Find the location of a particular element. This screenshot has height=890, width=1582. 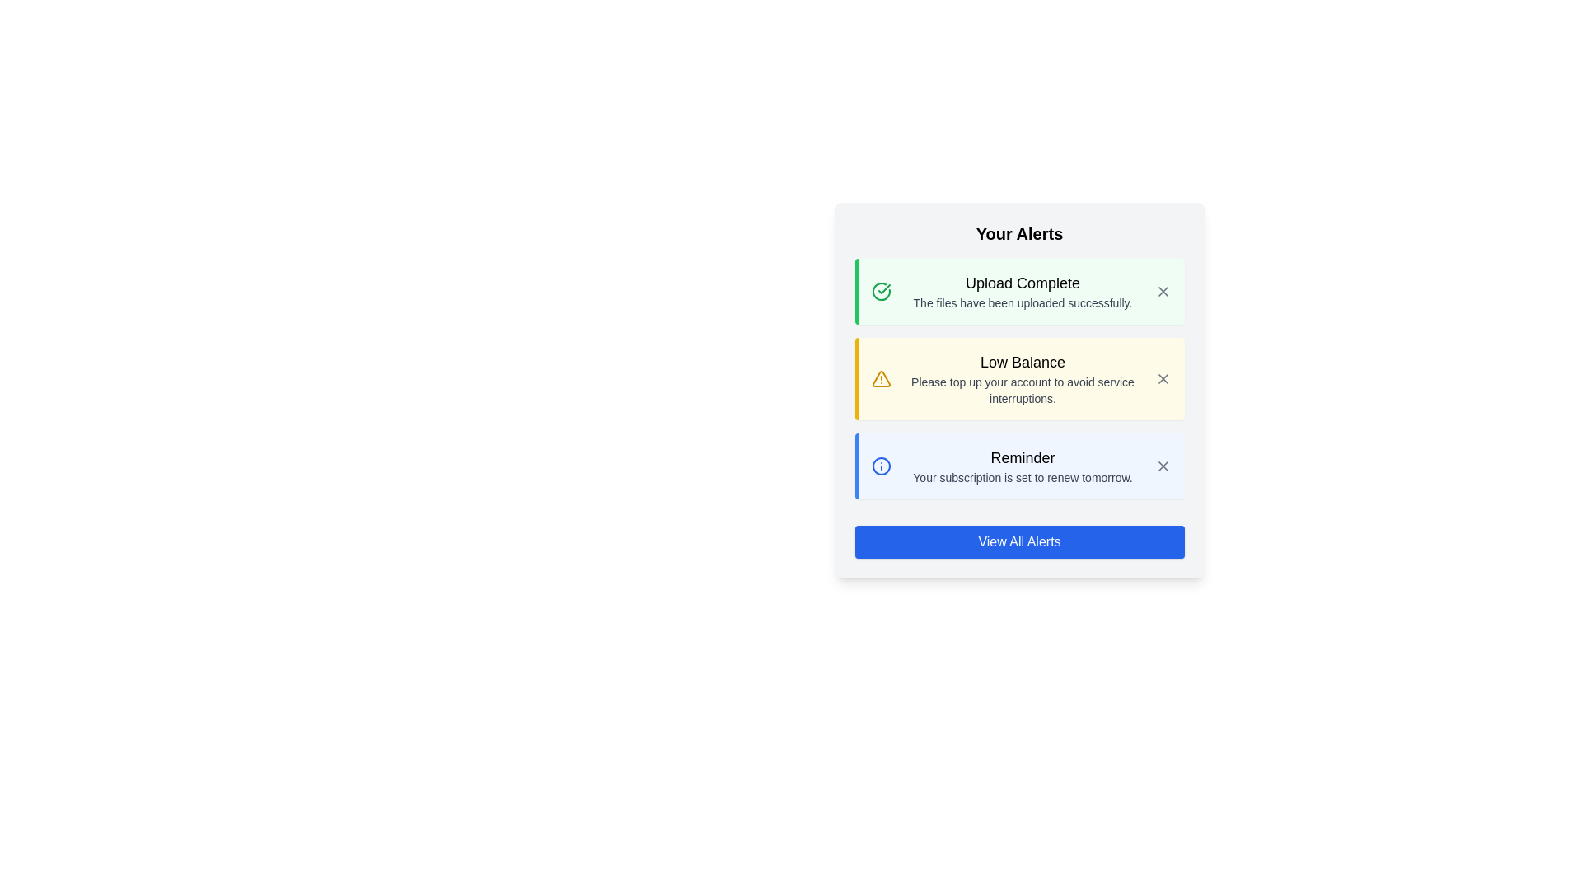

the 'View All Alerts' button, which has a blue background, white bold text, and is located at the bottom center of the 'Your Alerts' card is located at coordinates (1018, 542).